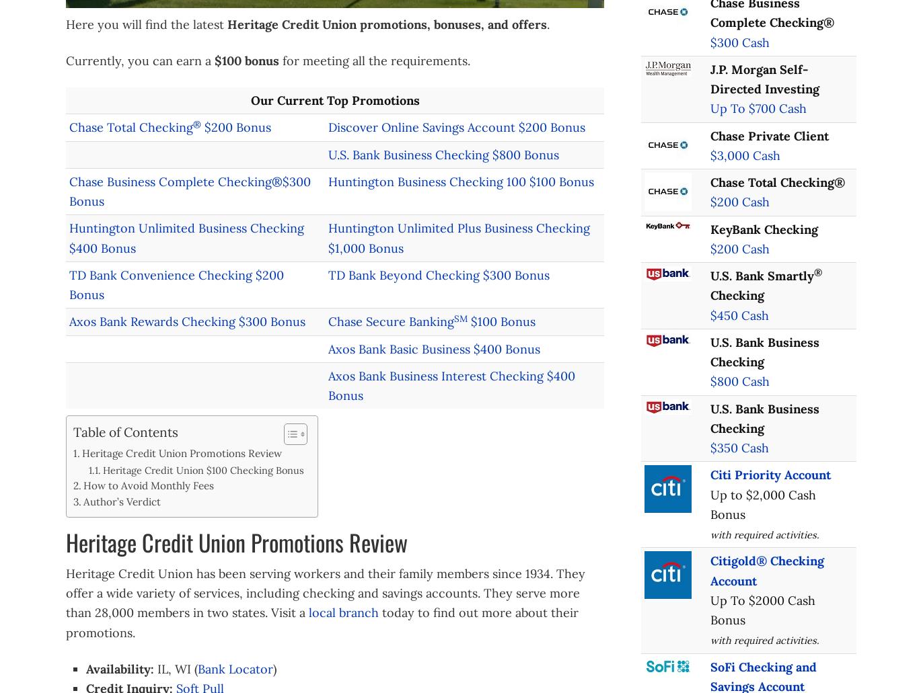 The image size is (919, 693). Describe the element at coordinates (708, 182) in the screenshot. I see `'Chase Total Checking®'` at that location.